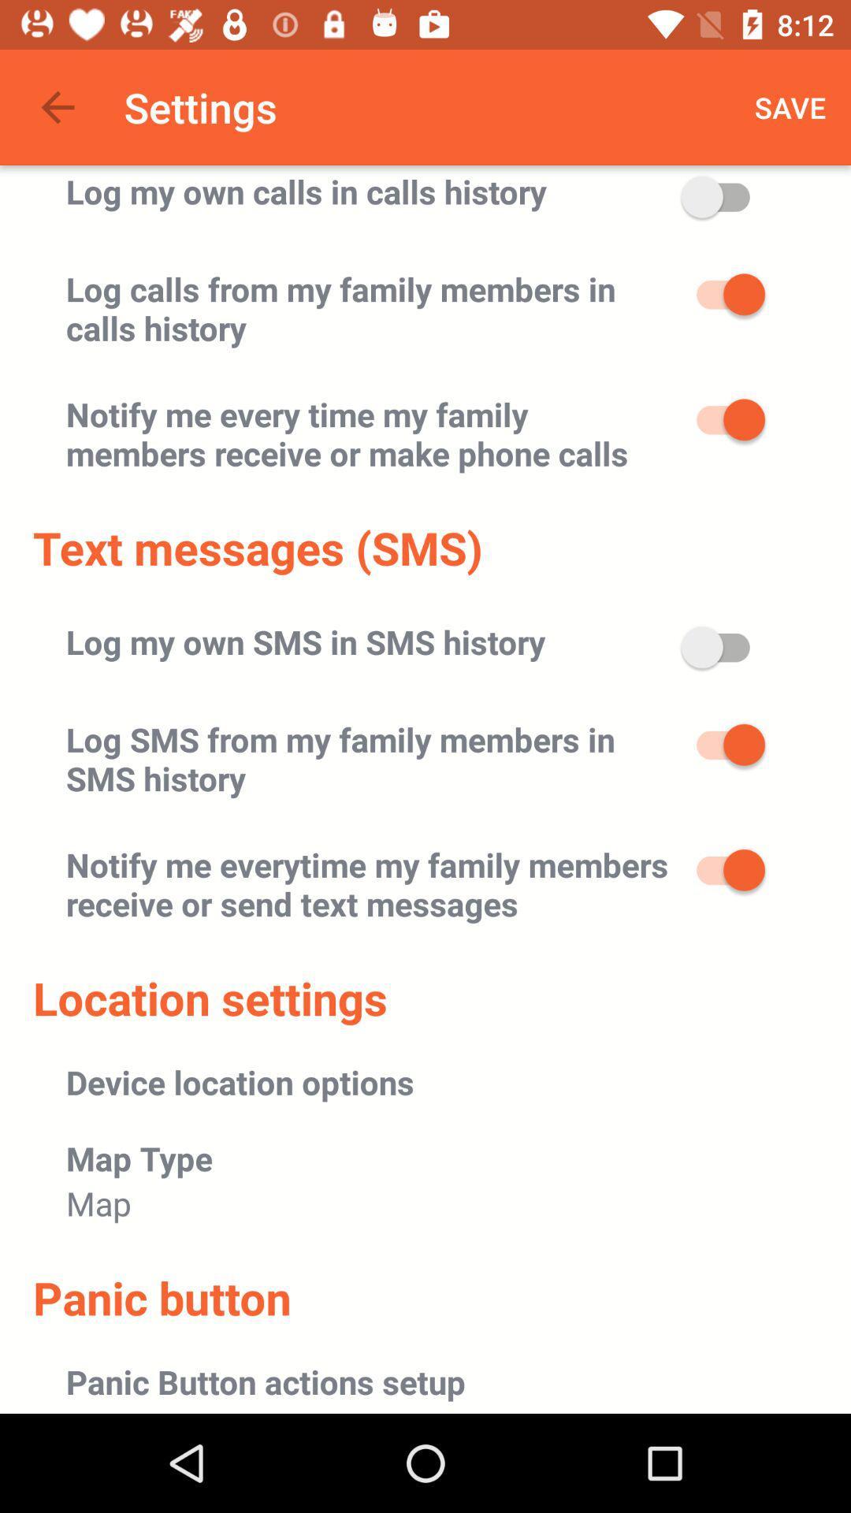 This screenshot has height=1513, width=851. Describe the element at coordinates (57, 106) in the screenshot. I see `app to the left of the settings` at that location.